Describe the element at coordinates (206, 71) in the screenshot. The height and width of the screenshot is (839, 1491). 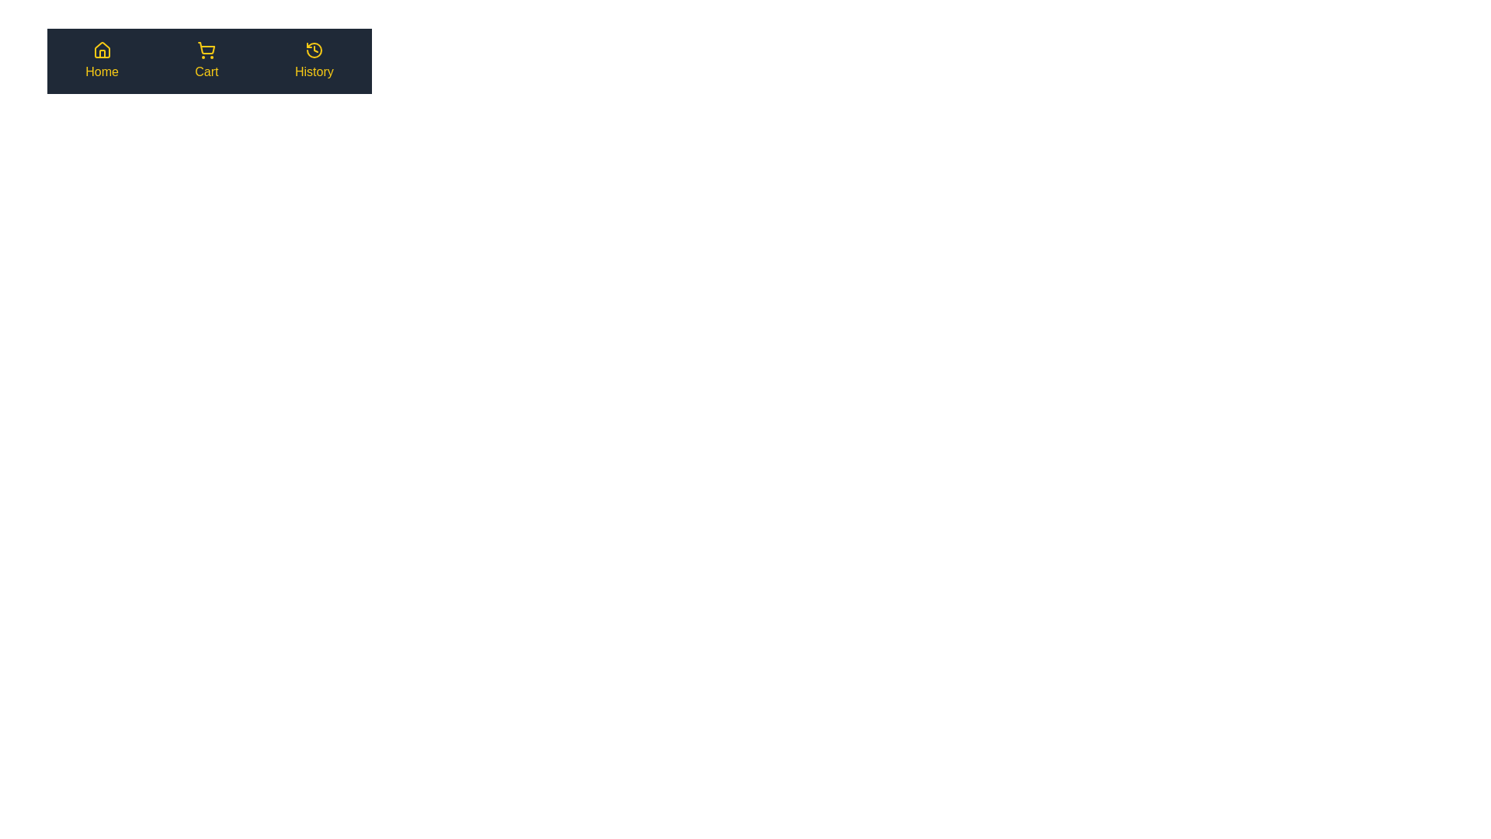
I see `the label Cart from the bottom navigation bar` at that location.